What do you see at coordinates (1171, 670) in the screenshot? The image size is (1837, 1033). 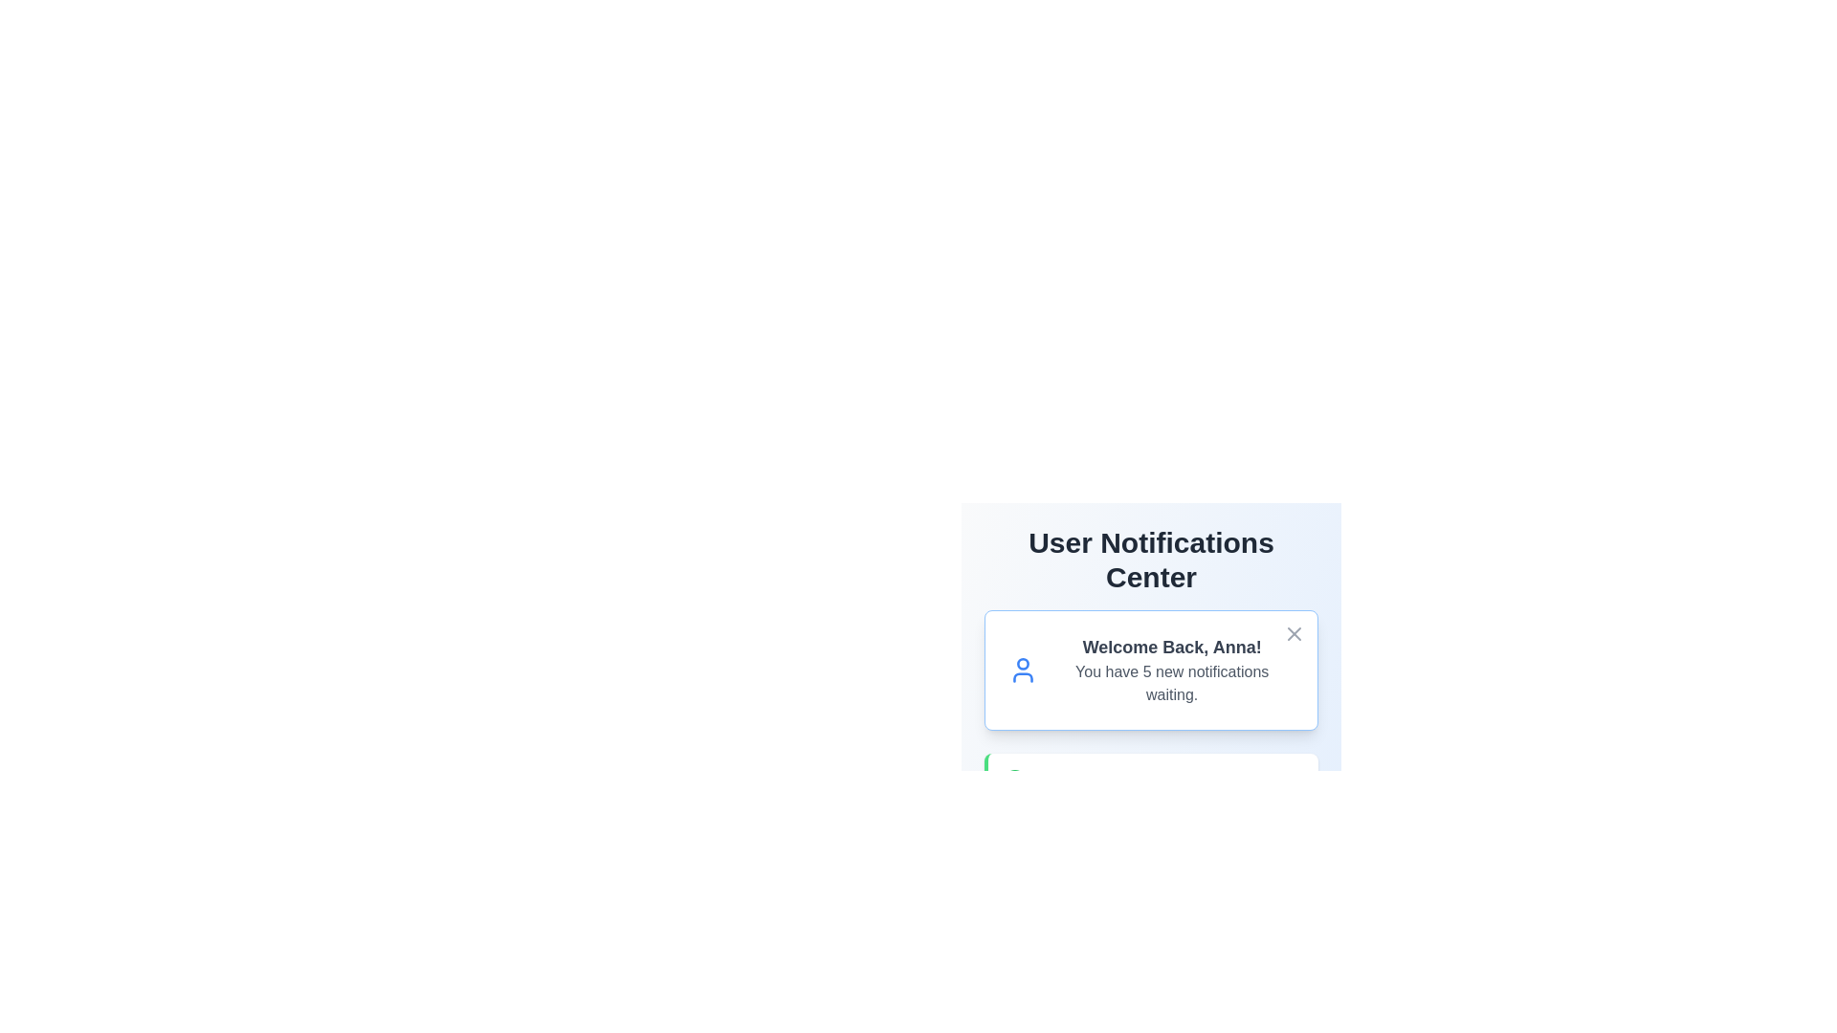 I see `the text label displaying the greeting 'Welcome Back, Anna!' and notification message 'You have 5 new notifications waiting.' located in the User Notifications Center` at bounding box center [1171, 670].